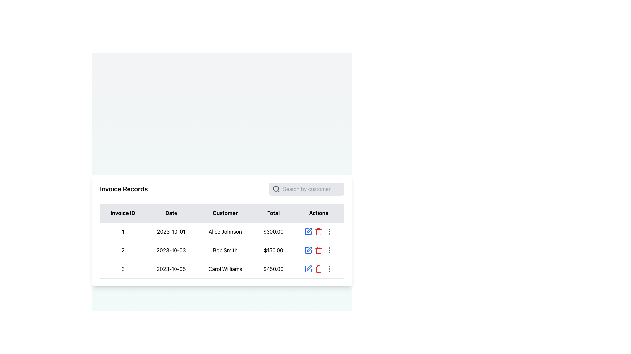 This screenshot has height=354, width=631. Describe the element at coordinates (329, 231) in the screenshot. I see `the vertical ellipsis icon button located in the 'Actions' column of the 'Invoice Records' section to activate the scaling effect` at that location.